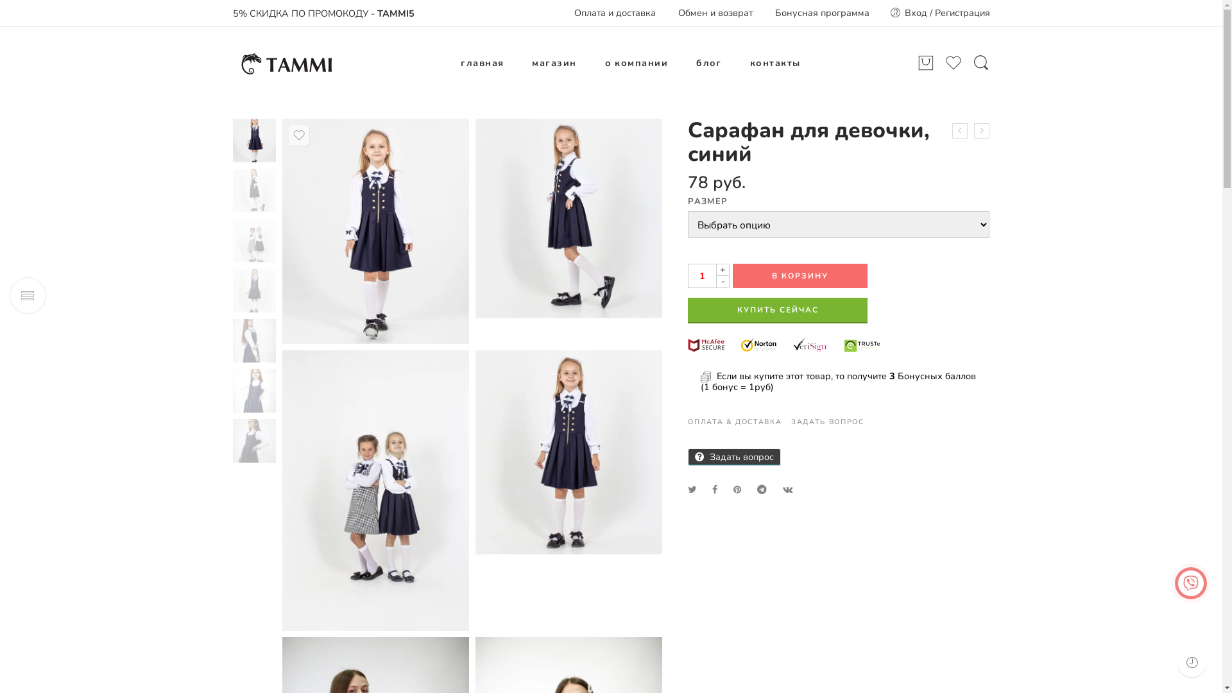  I want to click on 'Share on VK', so click(787, 490).